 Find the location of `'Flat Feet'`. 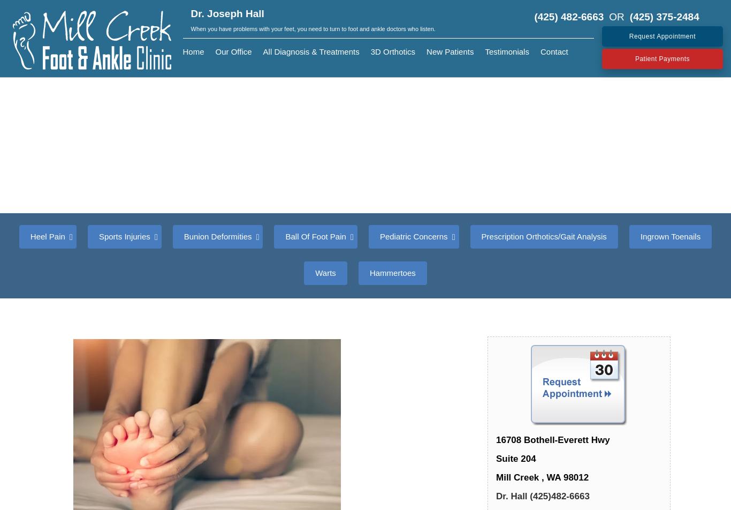

'Flat Feet' is located at coordinates (397, 302).